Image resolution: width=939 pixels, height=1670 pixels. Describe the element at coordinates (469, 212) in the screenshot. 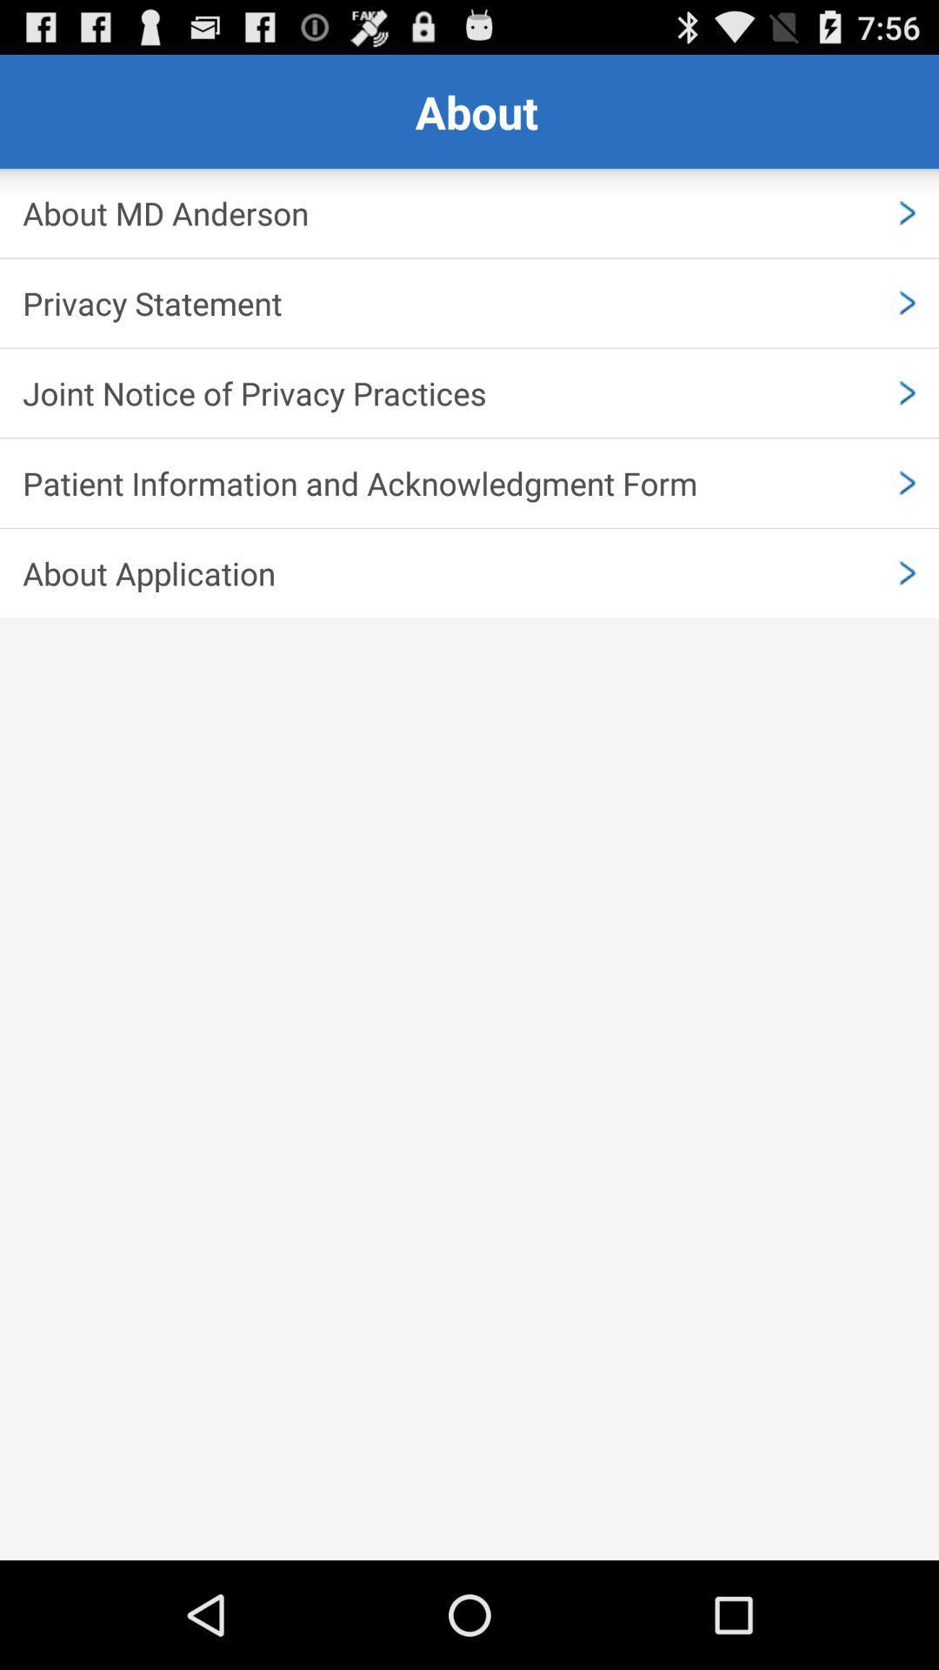

I see `about md anderson item` at that location.